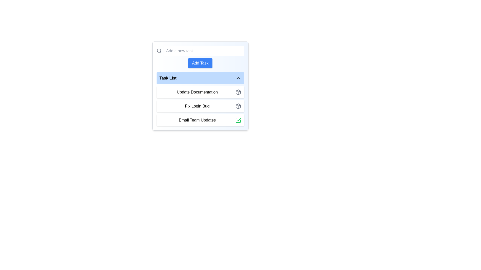  I want to click on the 'Fix Login Bug' button-like interactive list item, which is the second item in the Task List, so click(200, 106).